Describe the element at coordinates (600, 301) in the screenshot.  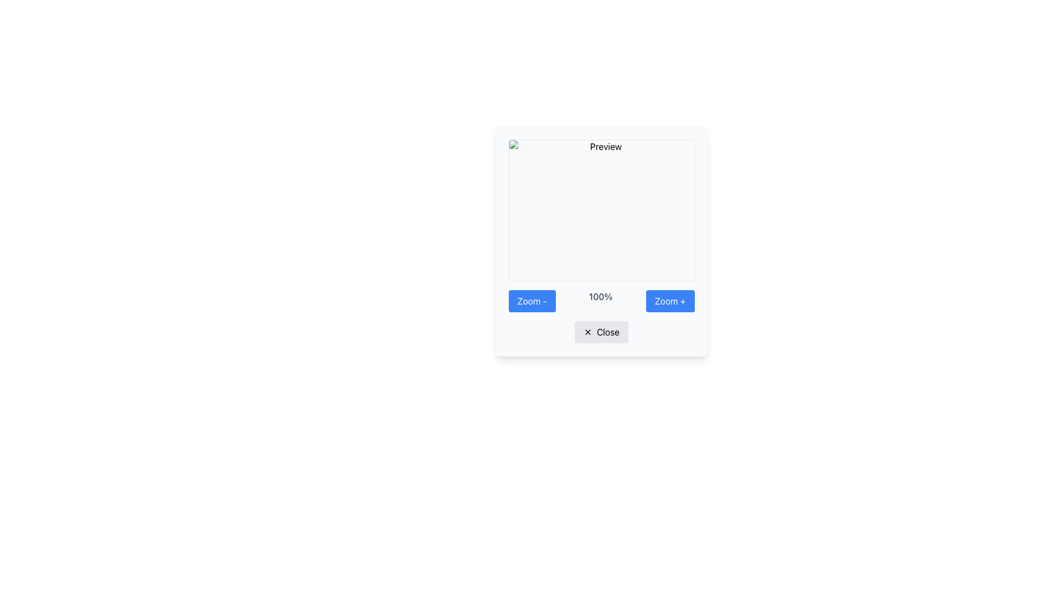
I see `the zoom level indicator text label, which displays the current zoom percentage and is centrally located between the 'Zoom -' button and the 'Zoom +' button near the bottom of the dialog` at that location.